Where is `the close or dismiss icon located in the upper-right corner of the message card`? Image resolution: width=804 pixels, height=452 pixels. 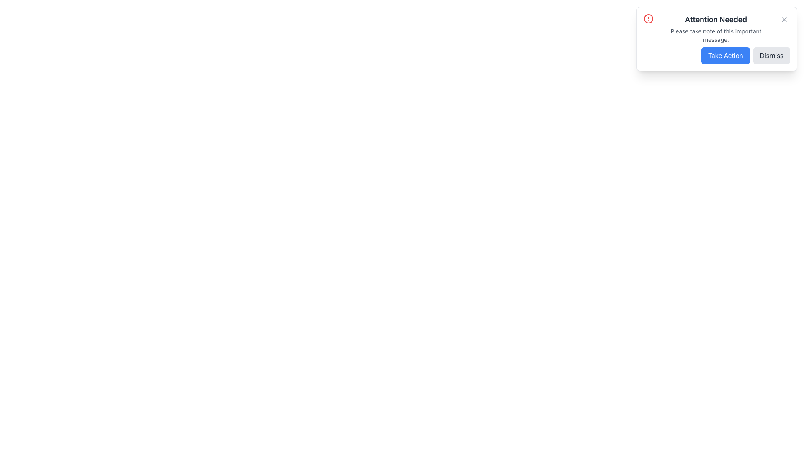 the close or dismiss icon located in the upper-right corner of the message card is located at coordinates (783, 19).